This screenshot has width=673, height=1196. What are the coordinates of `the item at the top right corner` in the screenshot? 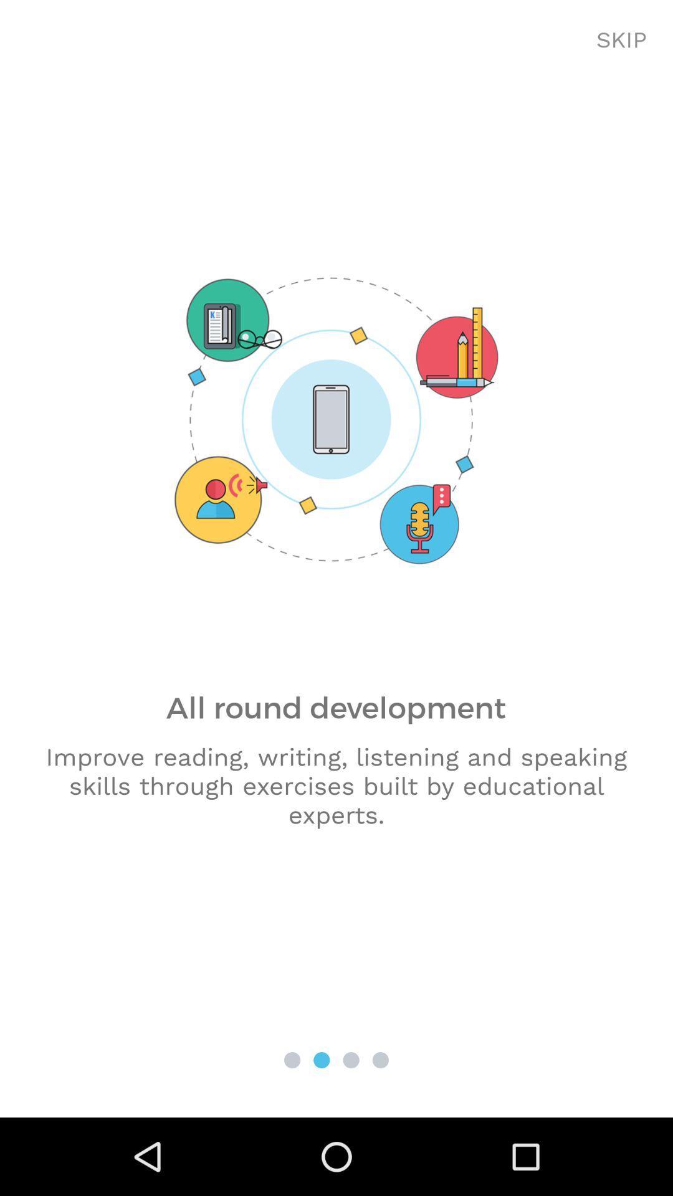 It's located at (621, 40).